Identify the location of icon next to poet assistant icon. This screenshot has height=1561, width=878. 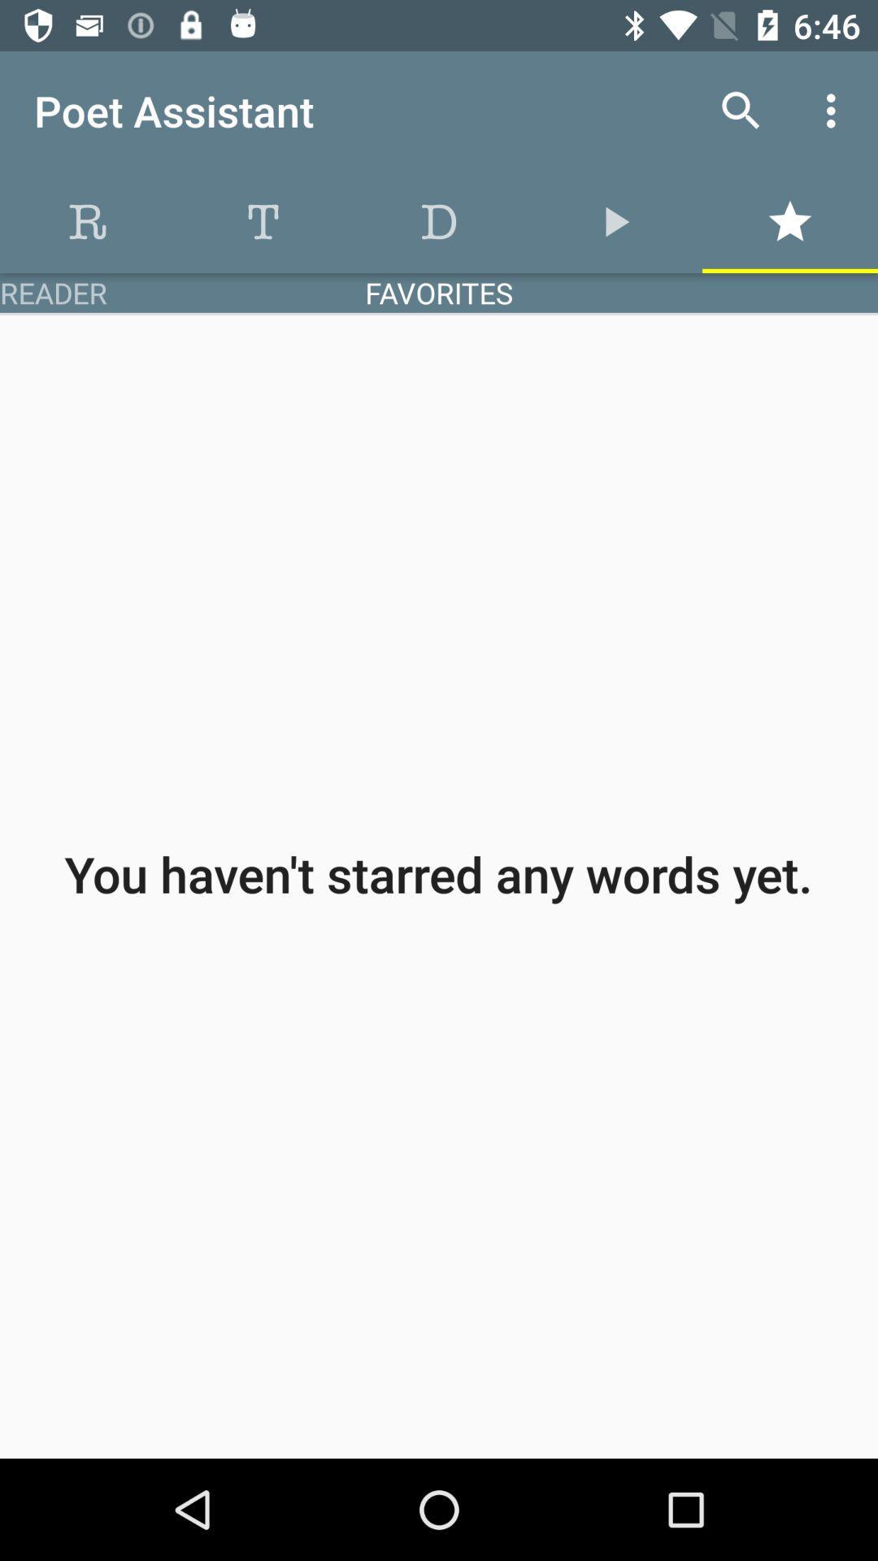
(741, 110).